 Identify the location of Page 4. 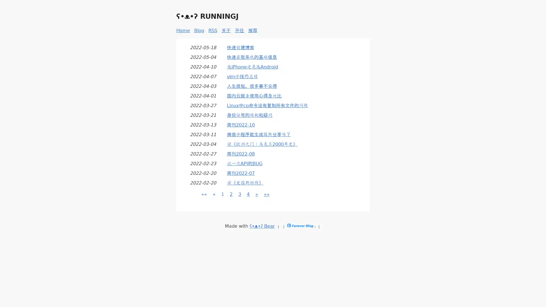
(248, 194).